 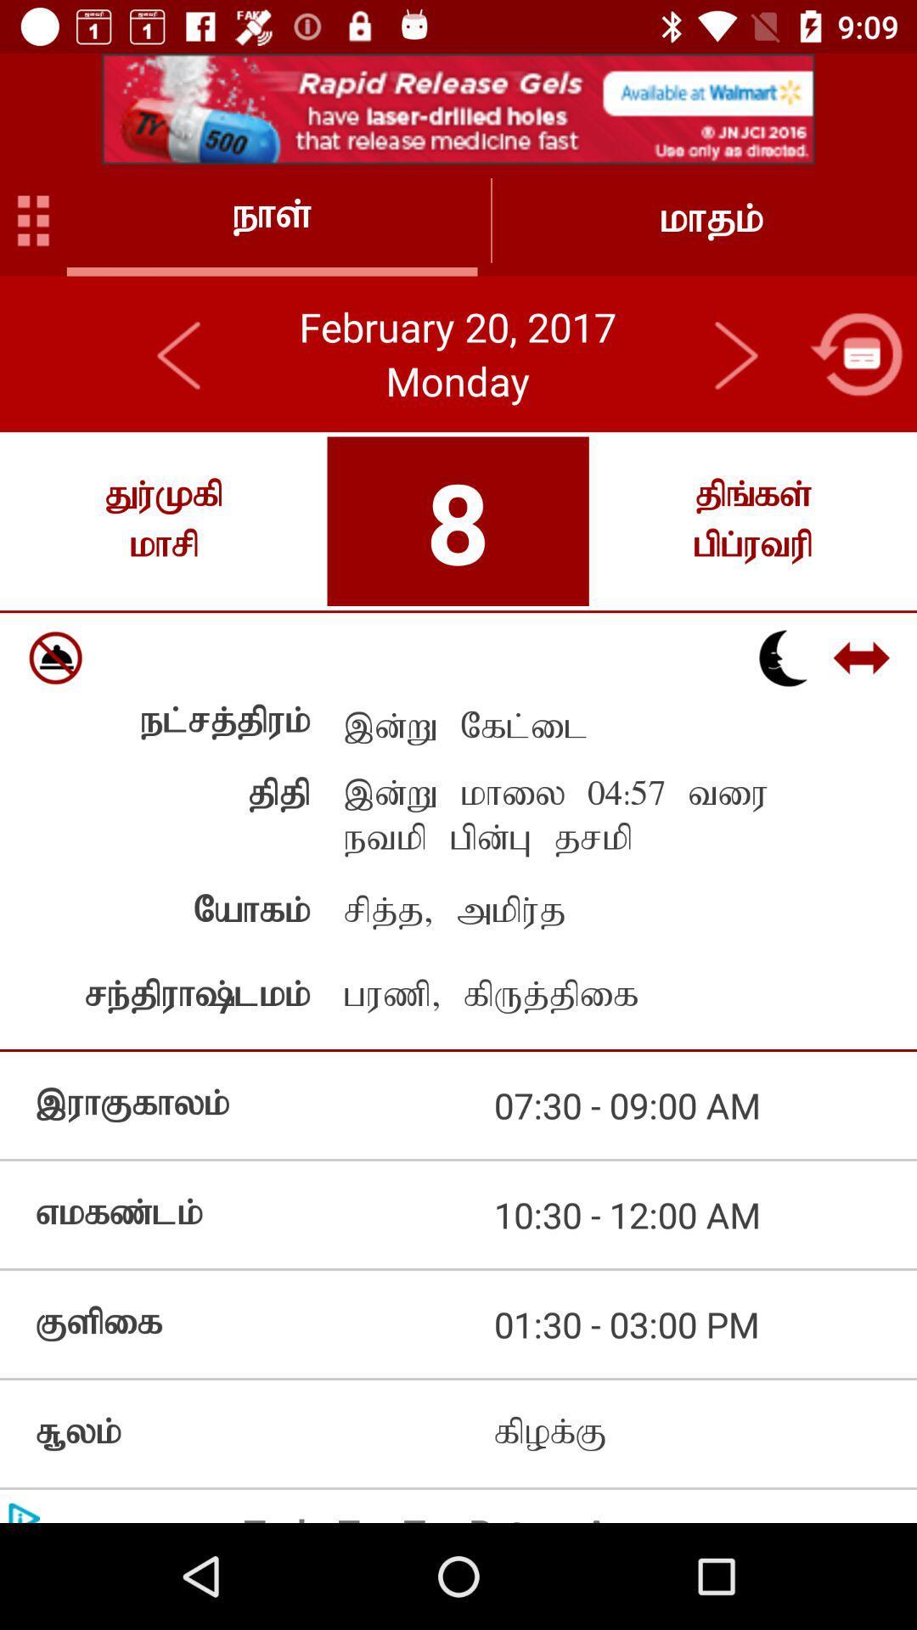 What do you see at coordinates (734, 353) in the screenshot?
I see `this button in next page` at bounding box center [734, 353].